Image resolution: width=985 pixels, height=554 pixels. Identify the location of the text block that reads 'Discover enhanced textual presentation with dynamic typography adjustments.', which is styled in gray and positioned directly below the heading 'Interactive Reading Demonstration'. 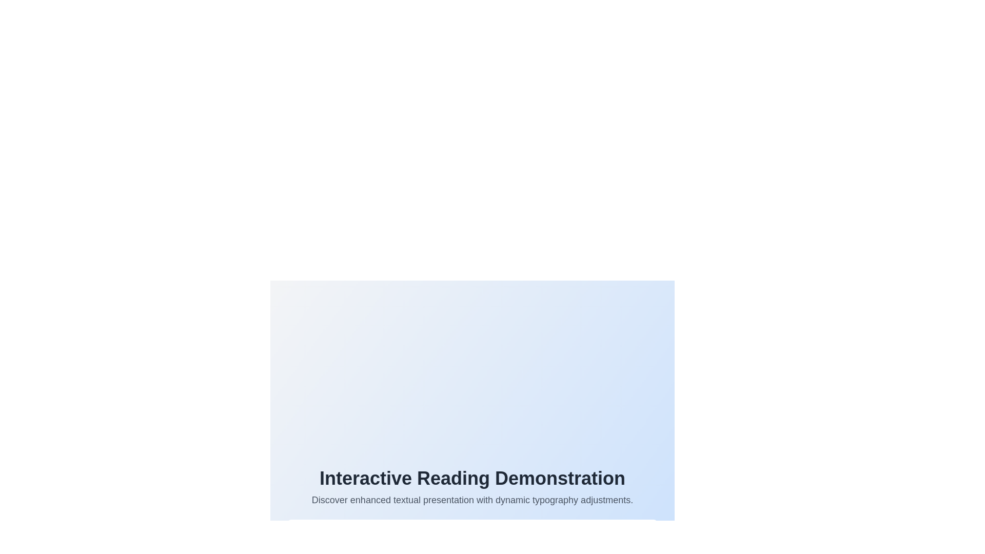
(472, 500).